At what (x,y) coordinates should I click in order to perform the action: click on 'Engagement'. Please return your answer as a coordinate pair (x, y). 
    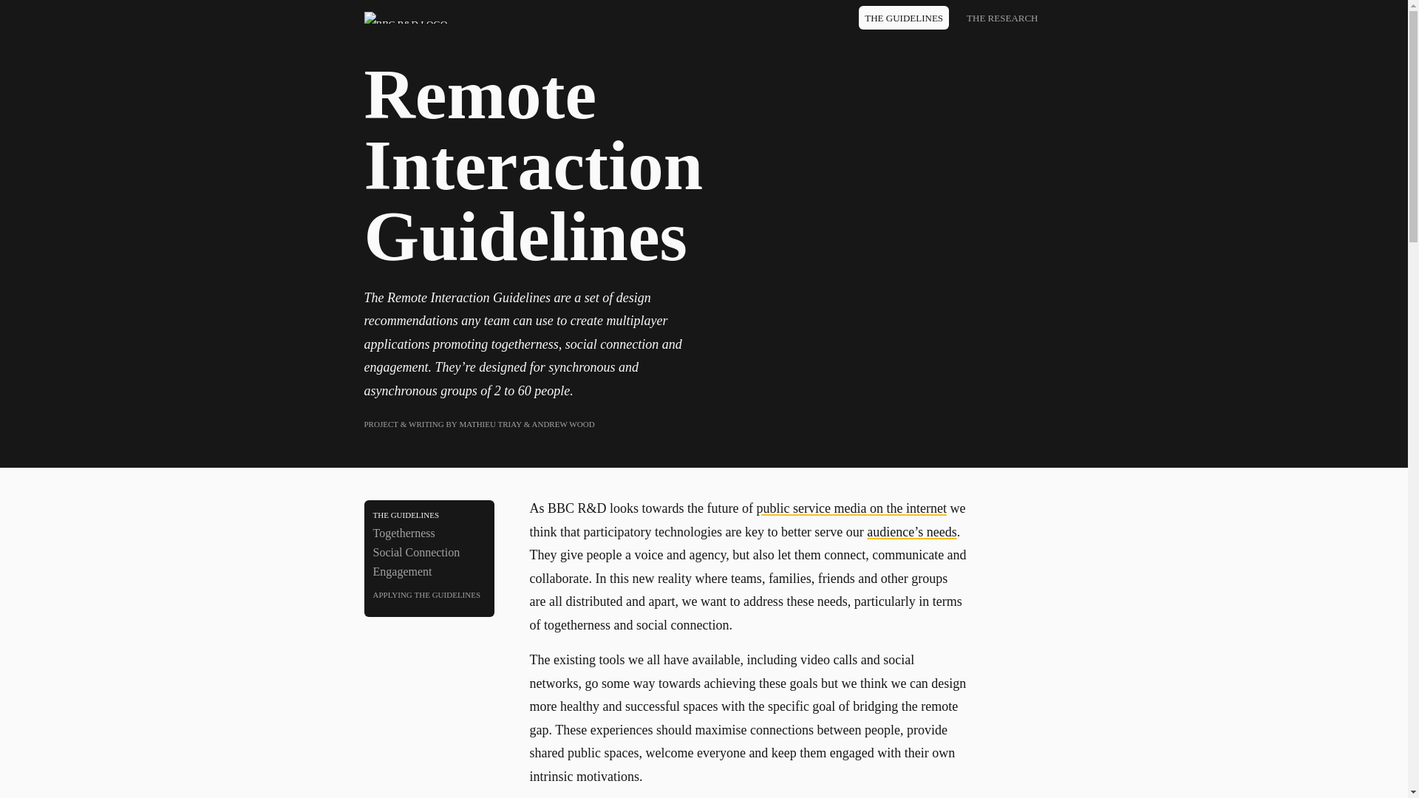
    Looking at the image, I should click on (428, 571).